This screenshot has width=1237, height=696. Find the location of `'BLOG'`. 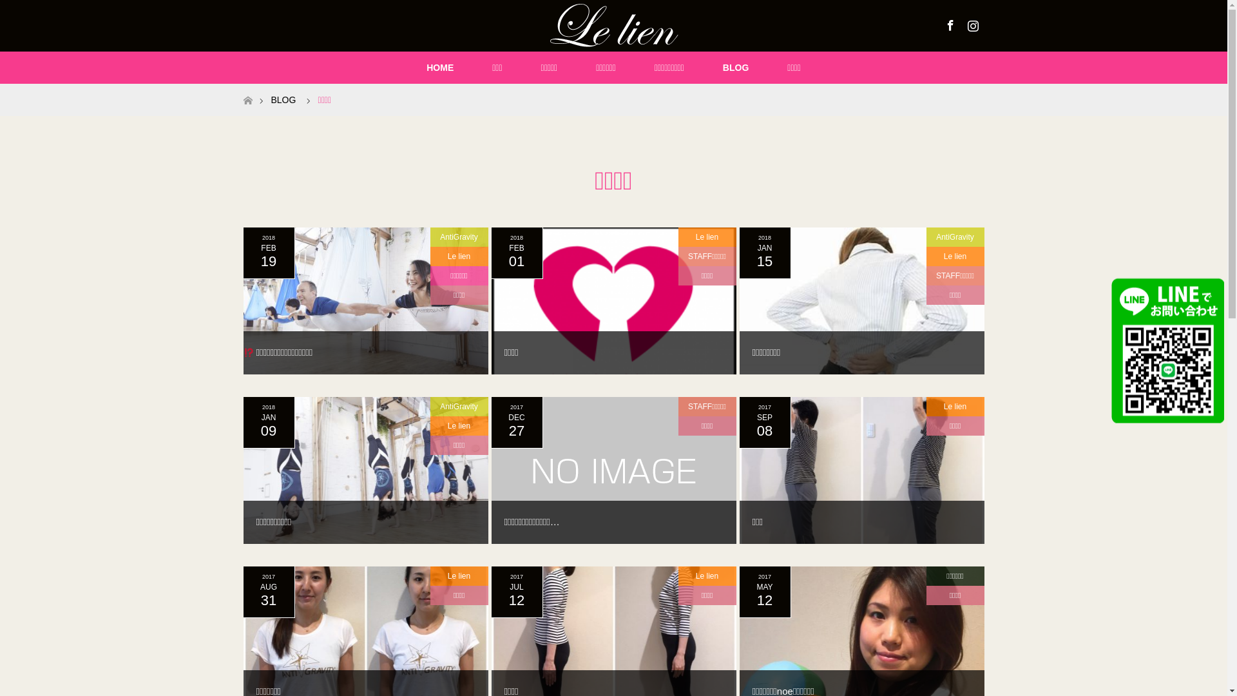

'BLOG' is located at coordinates (736, 67).